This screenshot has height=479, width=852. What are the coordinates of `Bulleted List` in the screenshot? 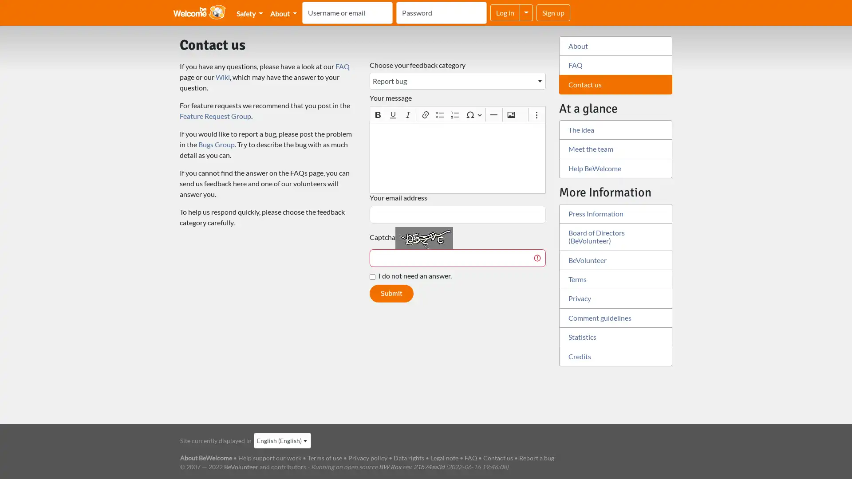 It's located at (440, 114).